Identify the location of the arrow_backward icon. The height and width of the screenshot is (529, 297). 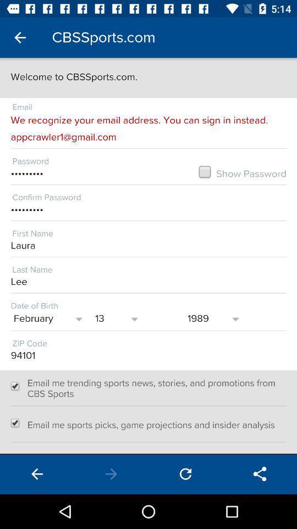
(37, 473).